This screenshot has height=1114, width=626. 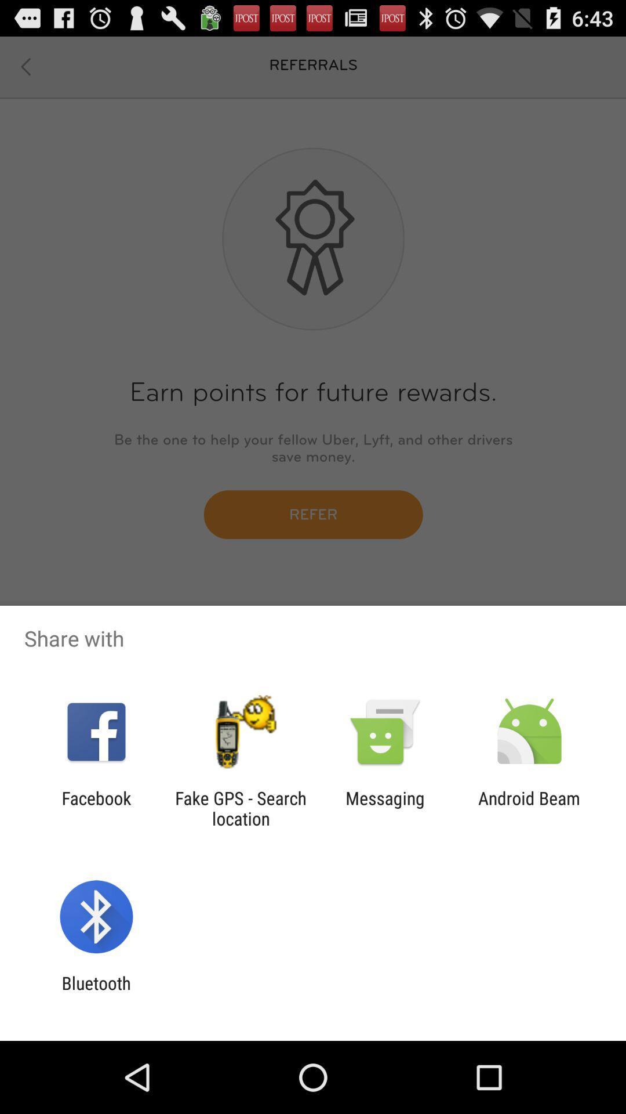 What do you see at coordinates (385, 808) in the screenshot?
I see `app next to the android beam app` at bounding box center [385, 808].